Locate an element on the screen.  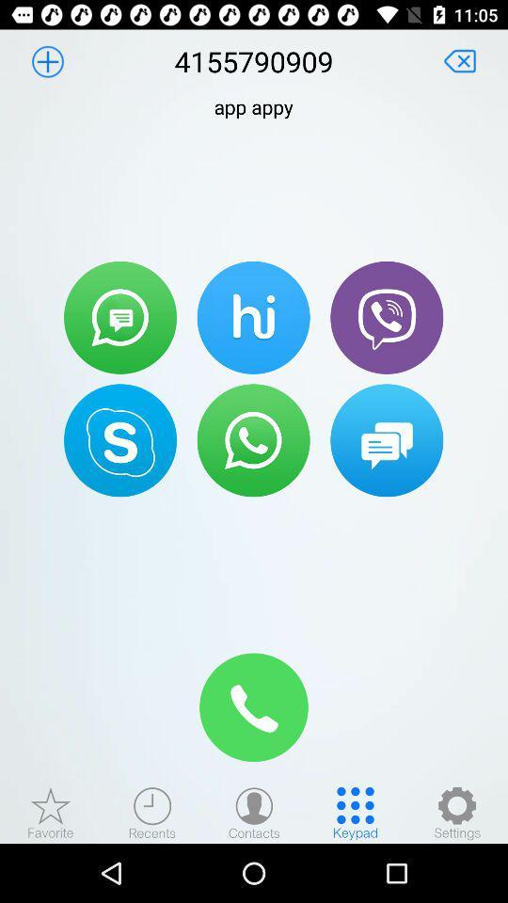
pressing this takes you to a chat is located at coordinates (386, 440).